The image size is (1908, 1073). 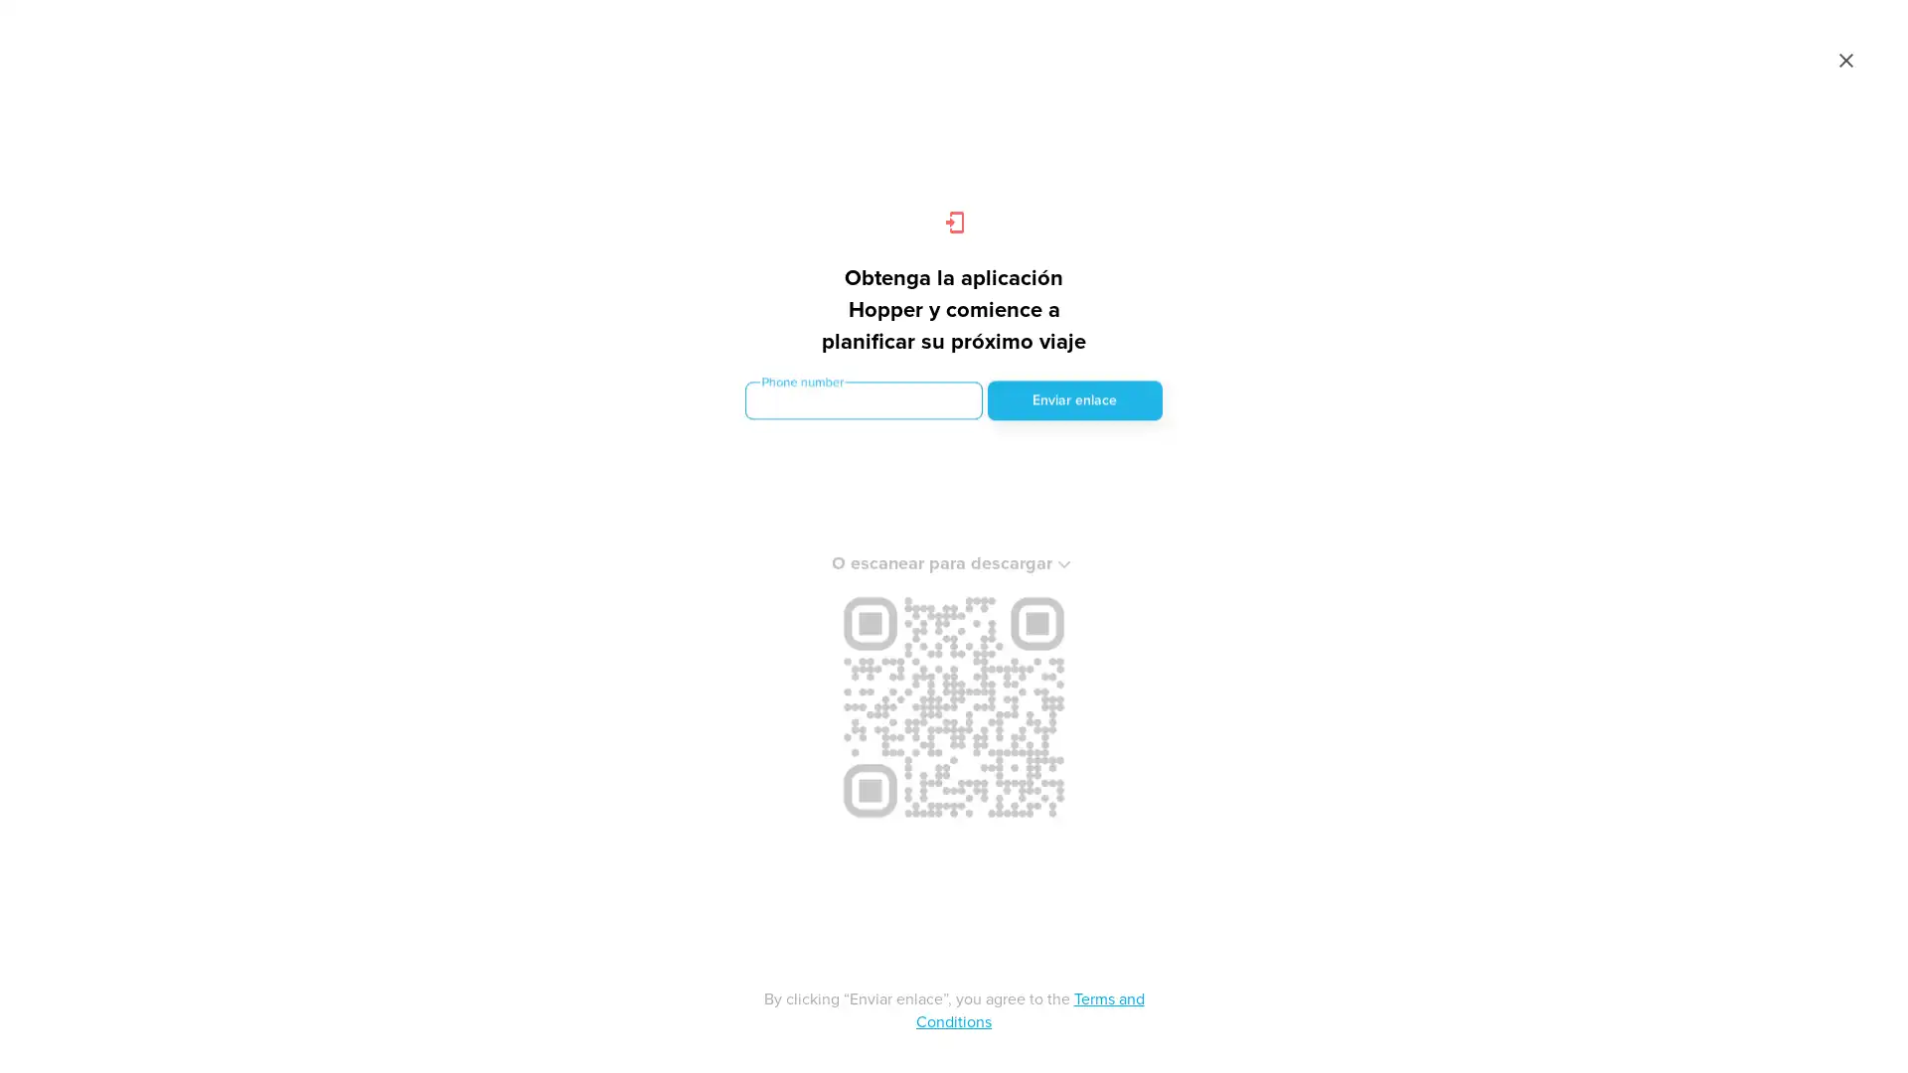 What do you see at coordinates (1073, 398) in the screenshot?
I see `Enviar enlace` at bounding box center [1073, 398].